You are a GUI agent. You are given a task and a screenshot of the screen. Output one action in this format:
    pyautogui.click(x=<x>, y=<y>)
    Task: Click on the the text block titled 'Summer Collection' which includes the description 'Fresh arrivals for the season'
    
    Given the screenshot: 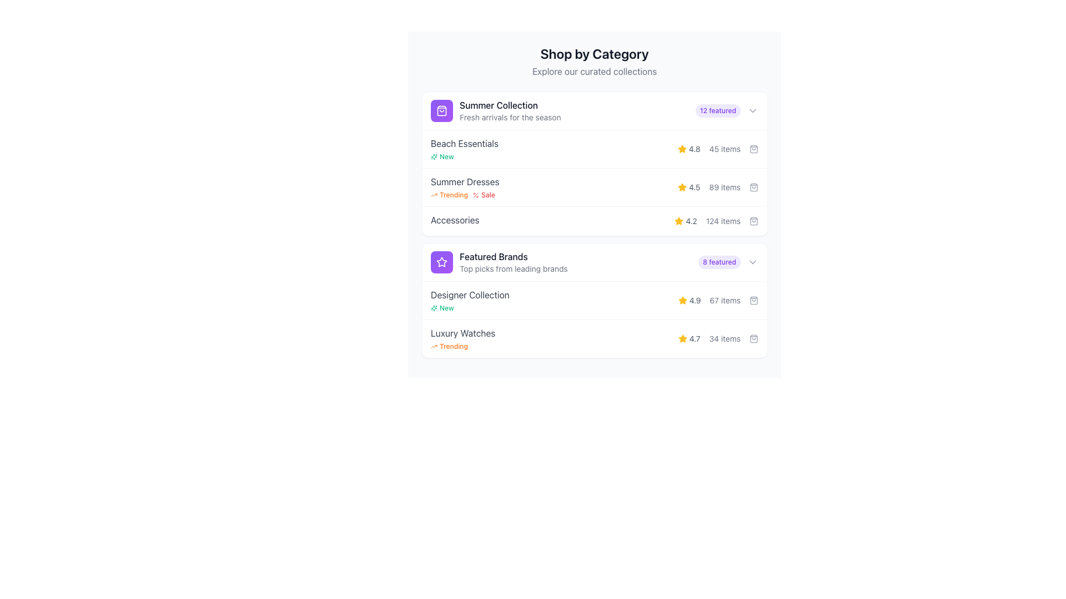 What is the action you would take?
    pyautogui.click(x=510, y=111)
    